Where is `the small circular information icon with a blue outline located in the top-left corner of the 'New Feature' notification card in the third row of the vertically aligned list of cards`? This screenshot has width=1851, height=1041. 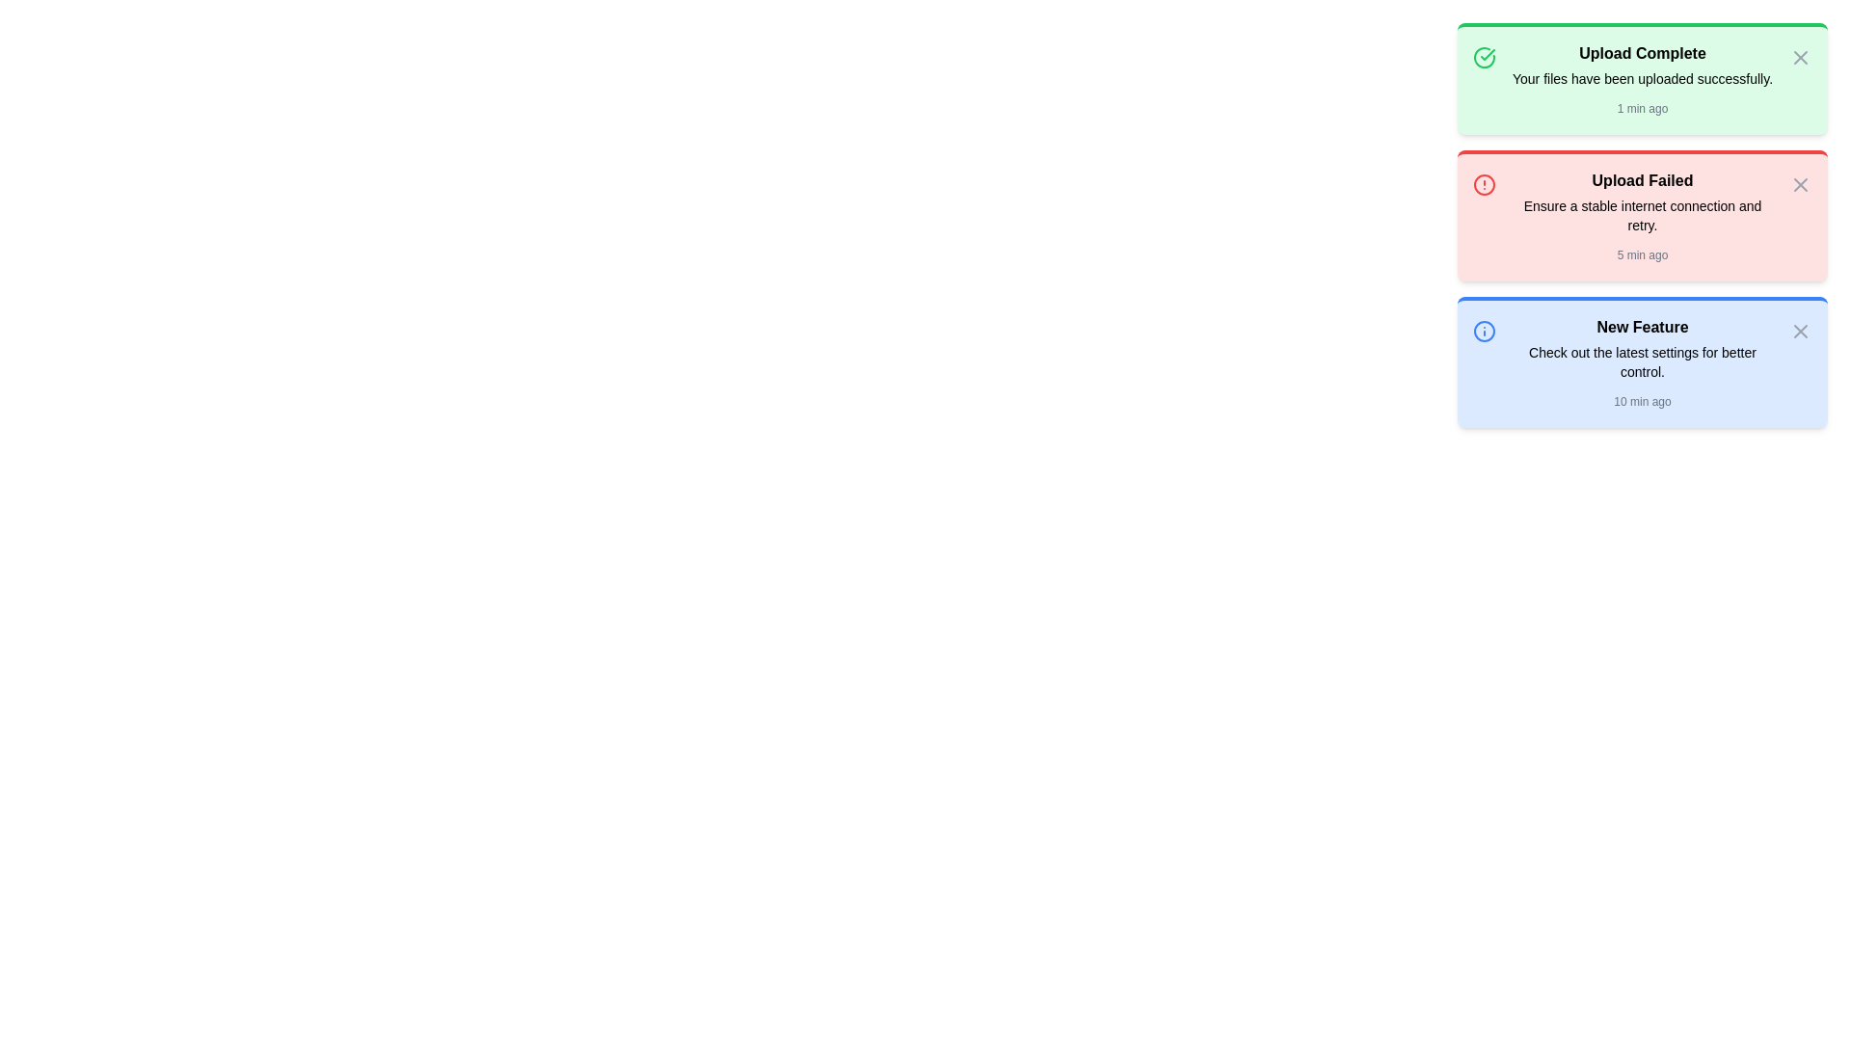
the small circular information icon with a blue outline located in the top-left corner of the 'New Feature' notification card in the third row of the vertically aligned list of cards is located at coordinates (1484, 330).